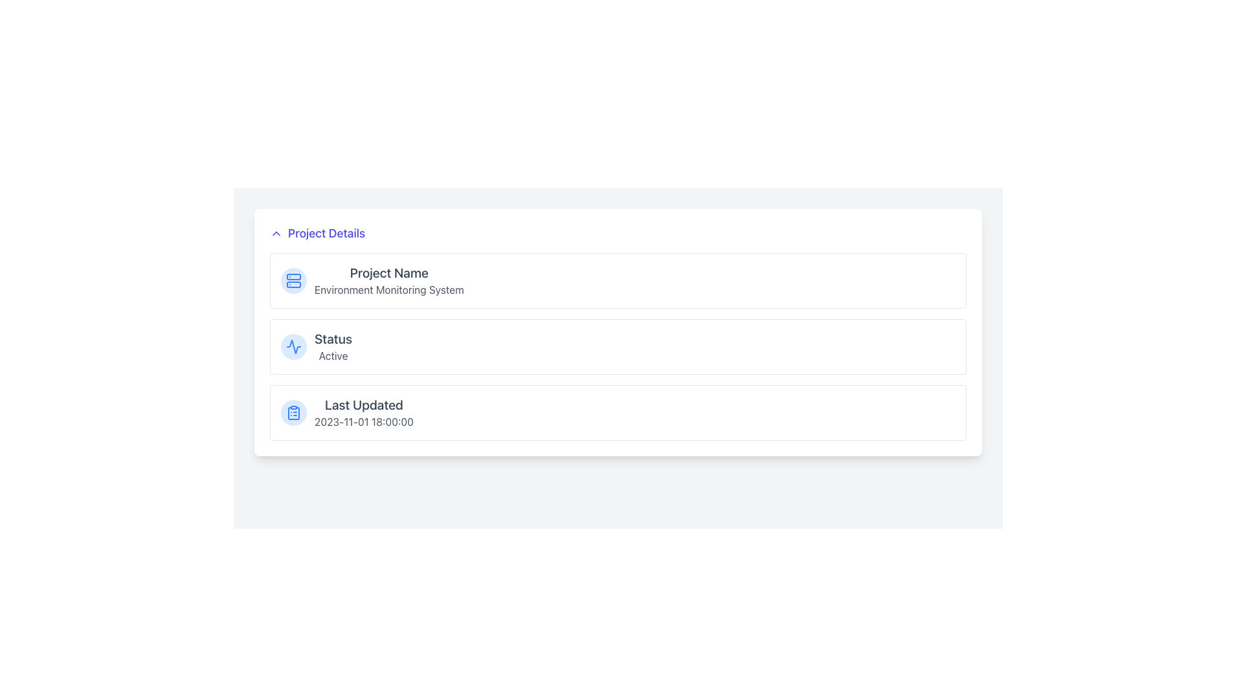 Image resolution: width=1243 pixels, height=699 pixels. What do you see at coordinates (333, 356) in the screenshot?
I see `text label displaying the word 'Active' located next to the 'Status' label in the 'Project Details' card` at bounding box center [333, 356].